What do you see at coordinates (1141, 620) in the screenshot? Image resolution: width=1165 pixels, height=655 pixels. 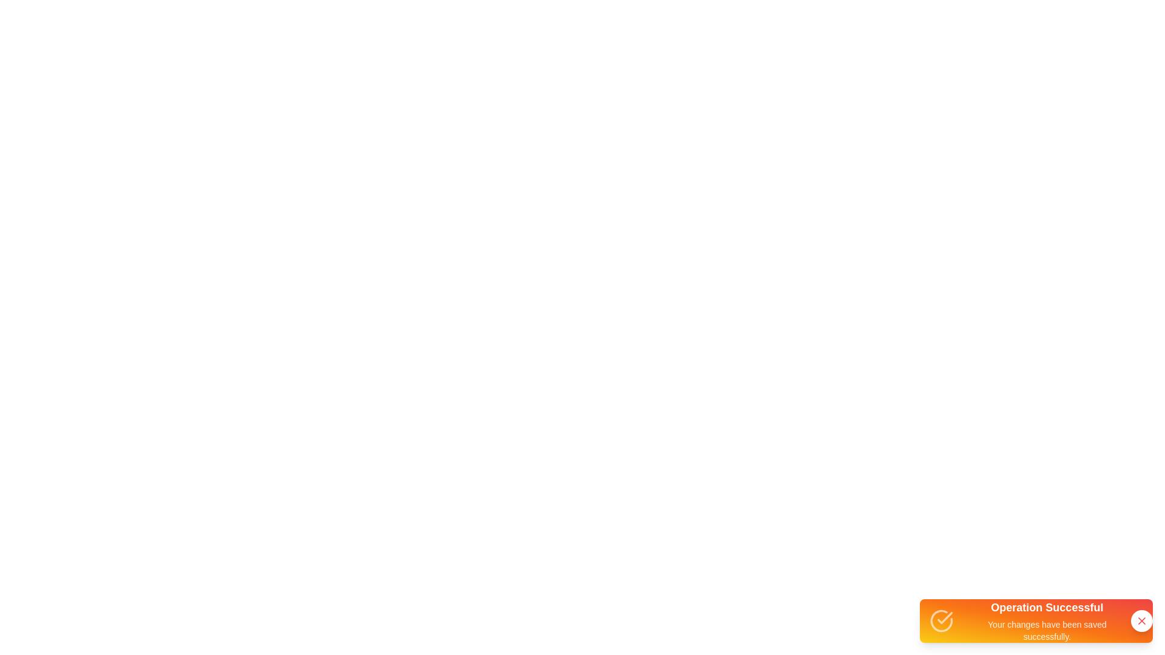 I see `the close button to observe hover effects` at bounding box center [1141, 620].